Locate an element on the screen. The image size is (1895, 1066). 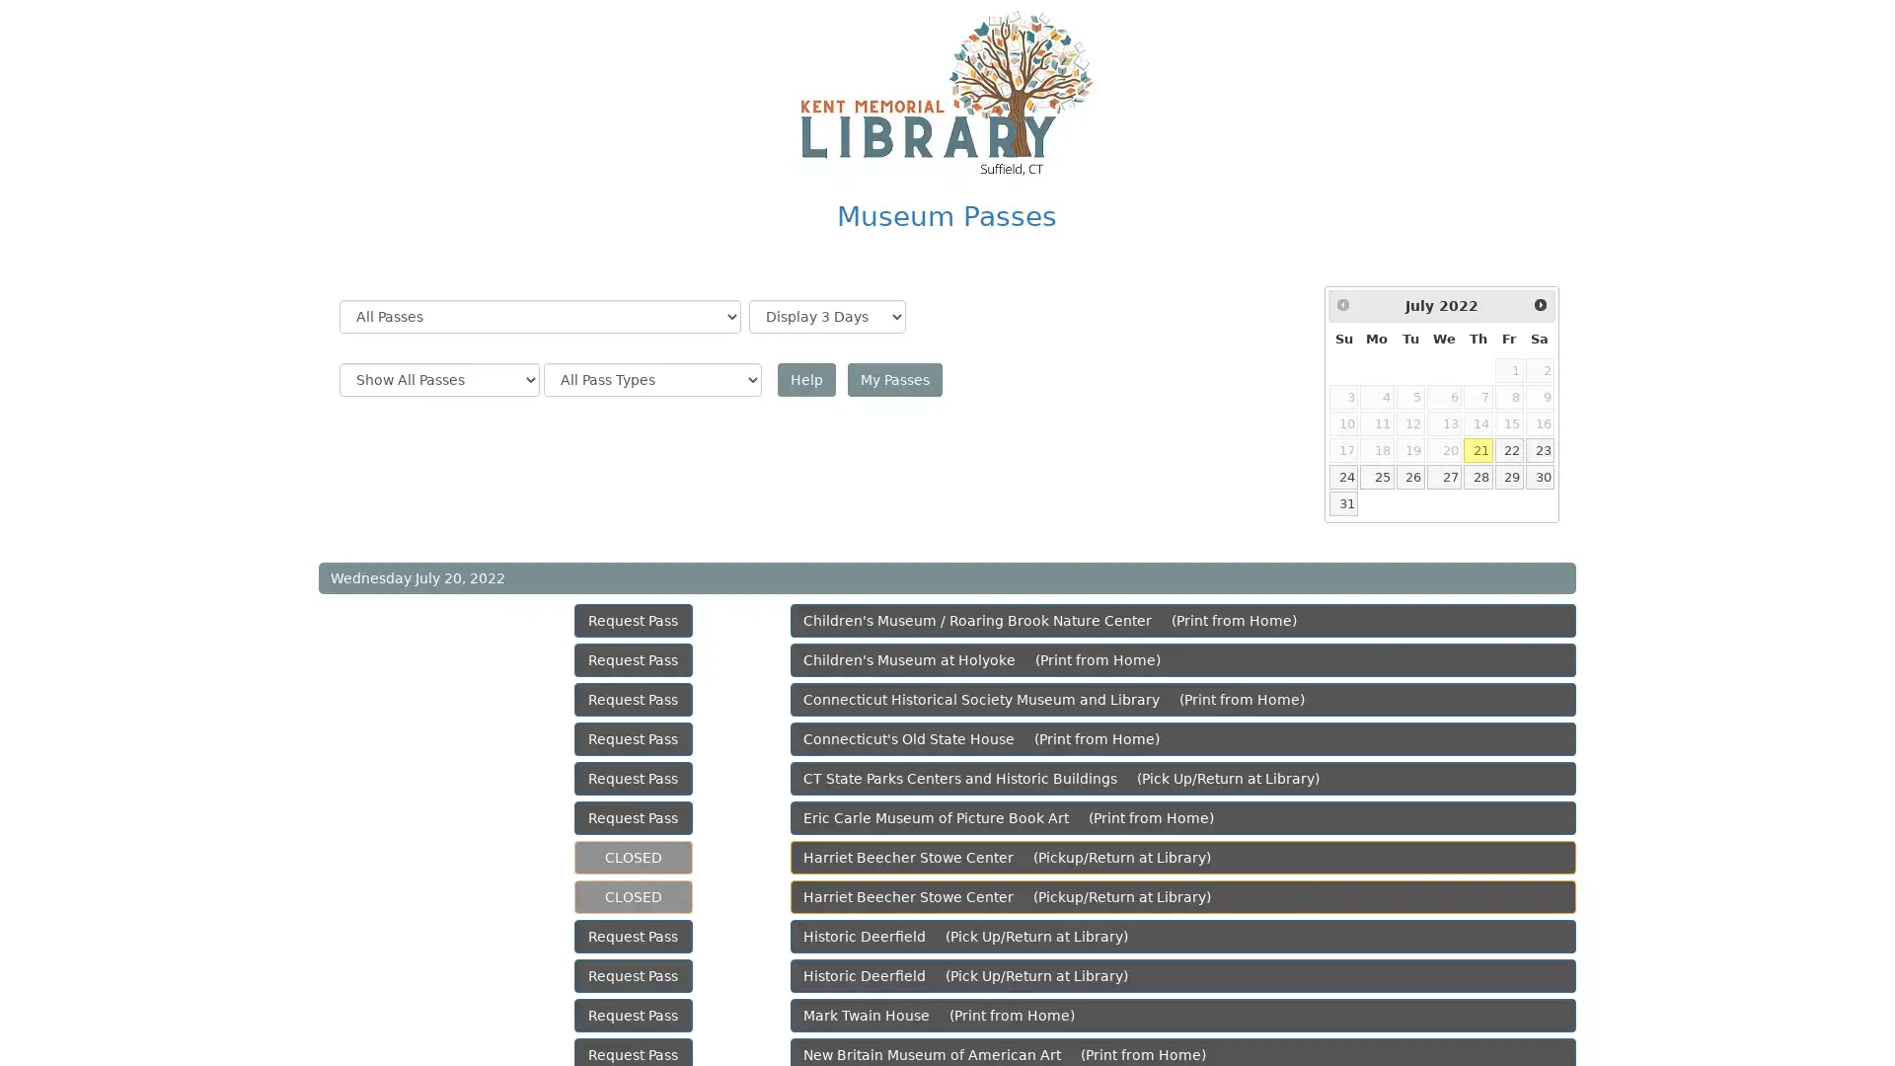
Historic Deerfield     (Pick Up/Return at Library) is located at coordinates (1182, 935).